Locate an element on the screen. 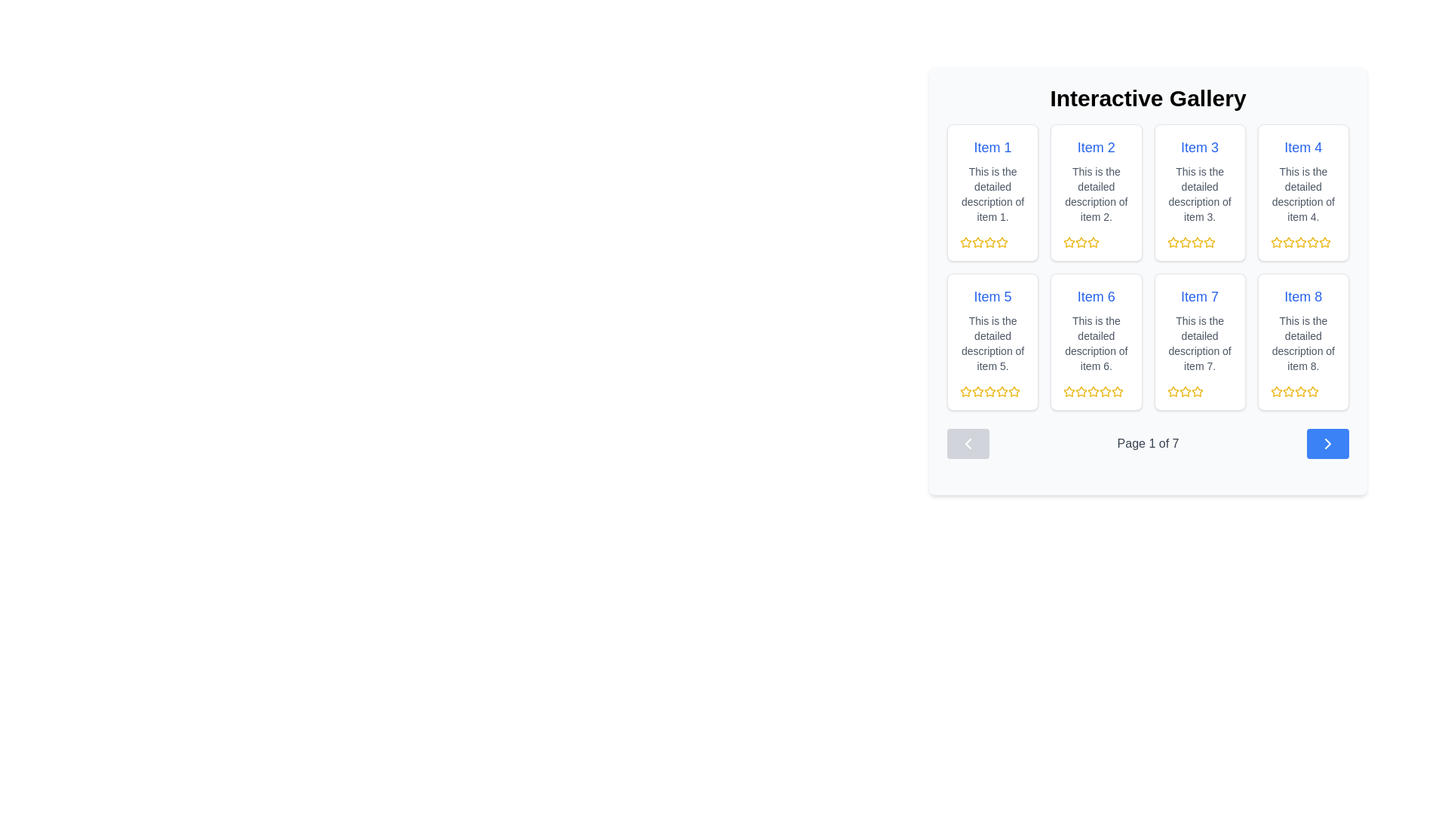 The image size is (1448, 814). the first star icon in the rating system directly below the card labeled 'Item 7' is located at coordinates (1172, 391).